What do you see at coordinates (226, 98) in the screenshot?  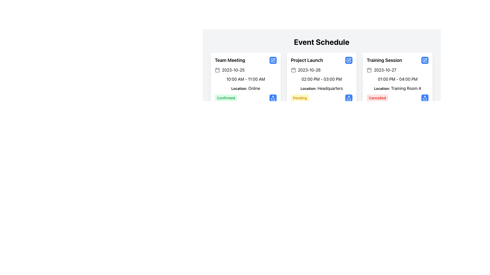 I see `the Badge indicating the event status as 'Confirmed' located in the bottom-left corner of the 'Team Meeting' event card in the 'Event Schedule' interface` at bounding box center [226, 98].